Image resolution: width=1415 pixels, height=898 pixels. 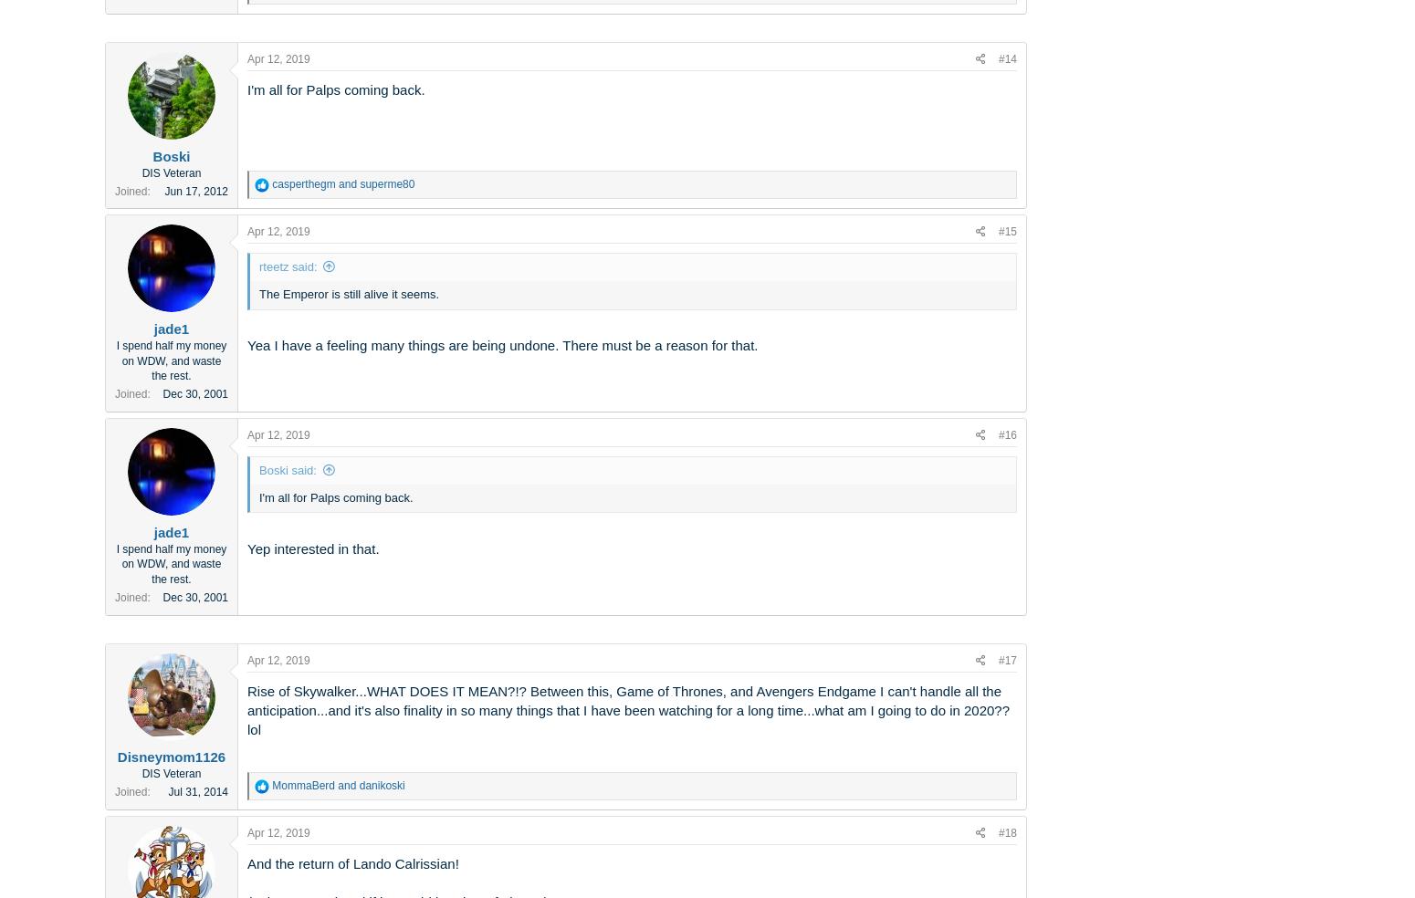 I want to click on 'The Emperor is still alive it seems.', so click(x=348, y=293).